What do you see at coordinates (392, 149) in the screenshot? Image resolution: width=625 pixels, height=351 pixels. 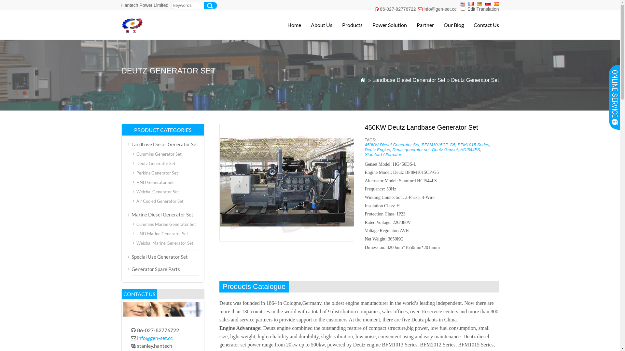 I see `'Deutz generator set'` at bounding box center [392, 149].